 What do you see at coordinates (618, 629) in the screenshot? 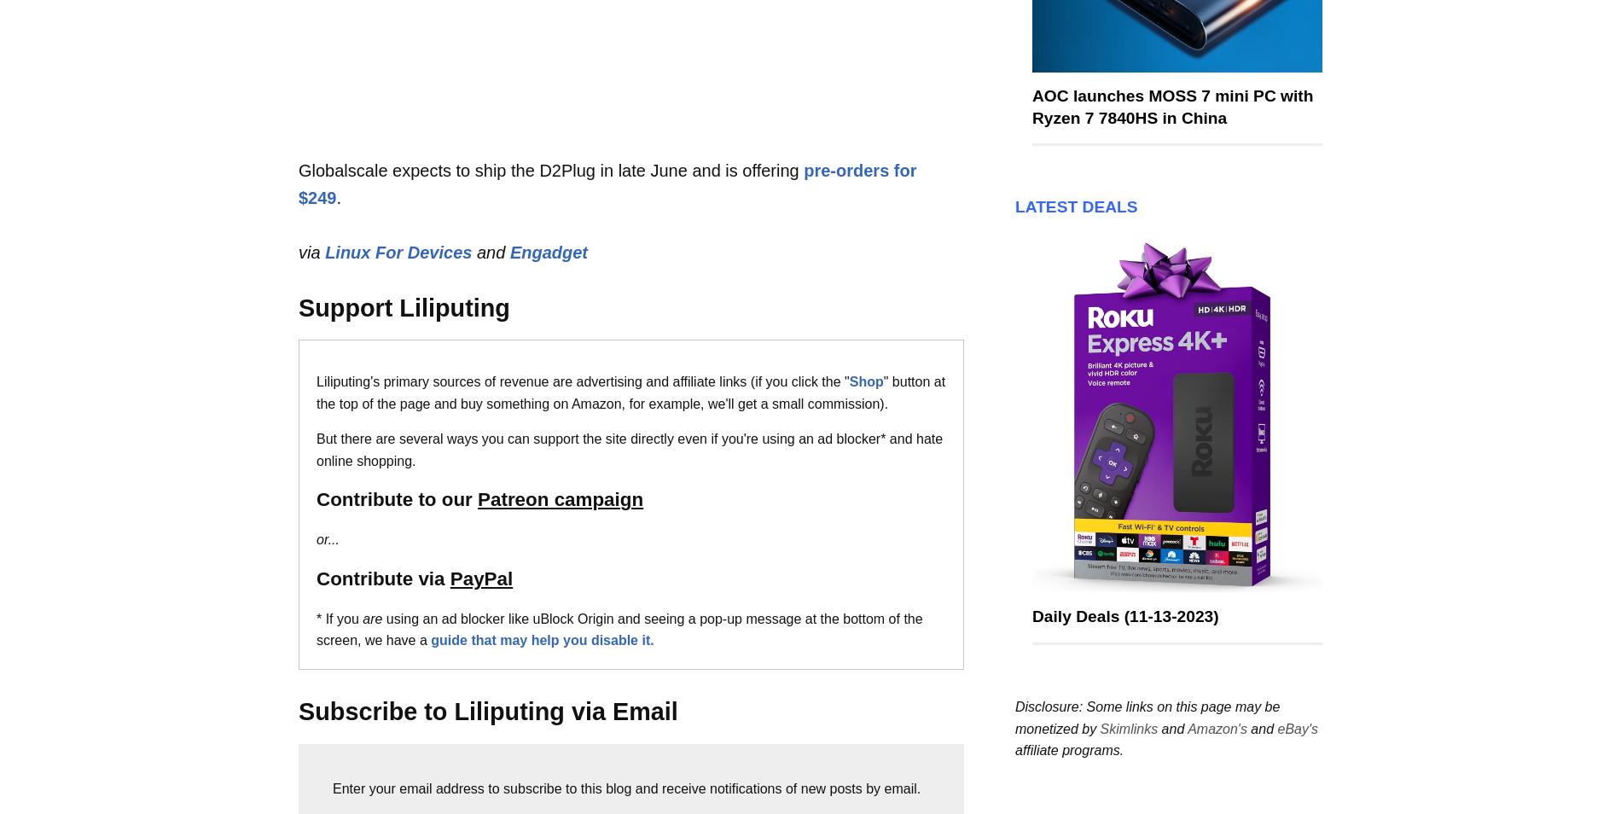
I see `'using an ad blocker like uBlock Origin and seeing a pop-up message at the bottom of the screen, we have a'` at bounding box center [618, 629].